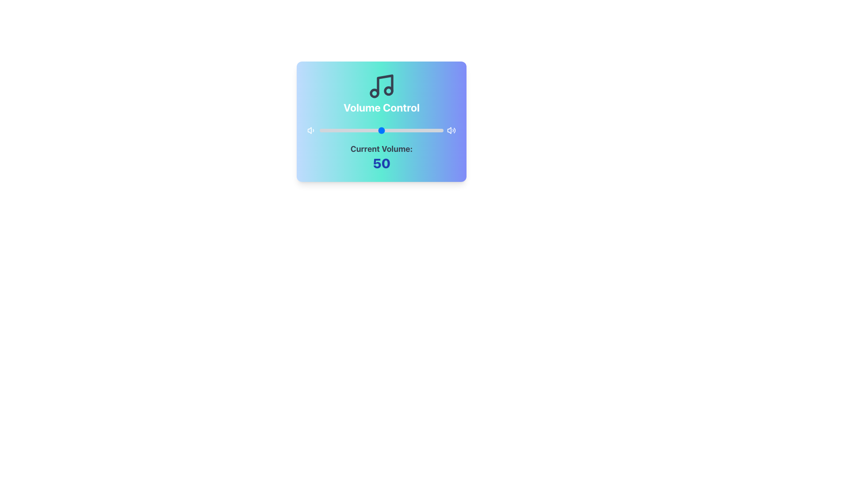 The image size is (849, 478). Describe the element at coordinates (354, 130) in the screenshot. I see `the slider` at that location.